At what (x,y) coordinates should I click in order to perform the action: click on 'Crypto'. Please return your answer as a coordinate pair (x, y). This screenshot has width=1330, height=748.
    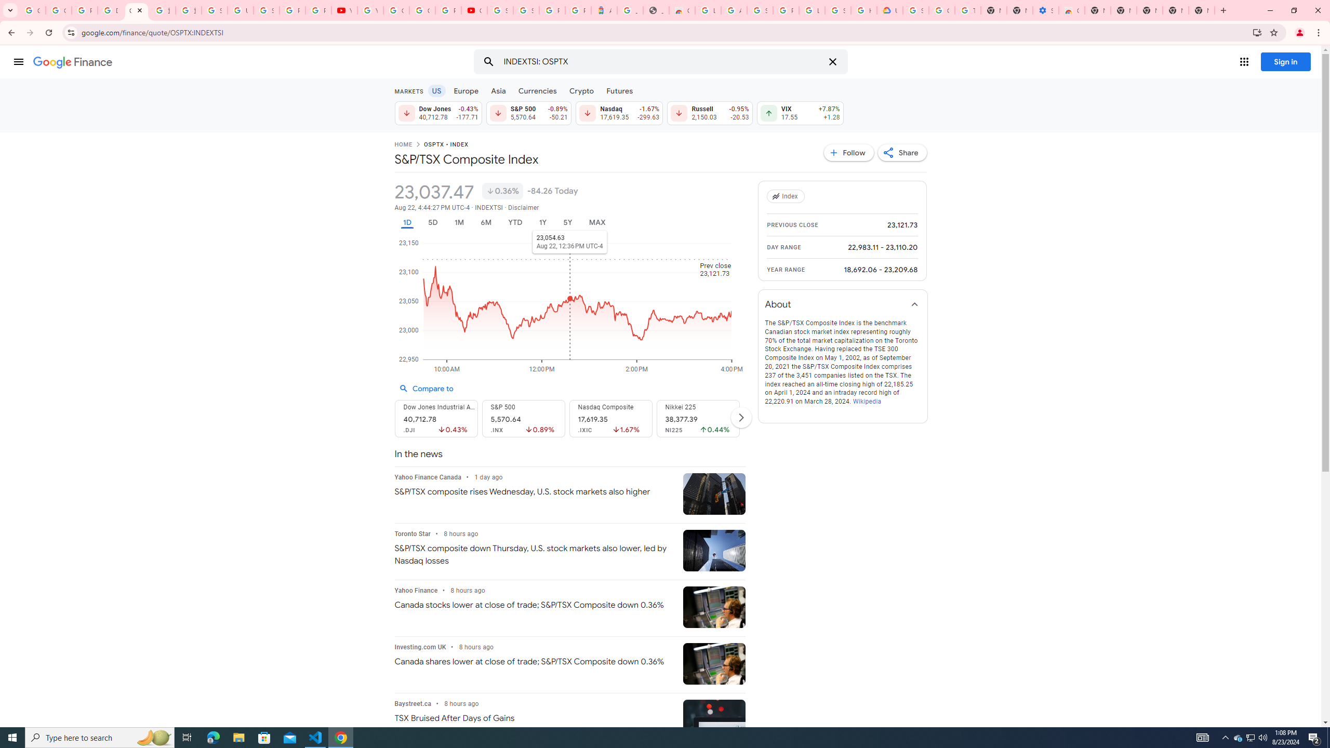
    Looking at the image, I should click on (582, 90).